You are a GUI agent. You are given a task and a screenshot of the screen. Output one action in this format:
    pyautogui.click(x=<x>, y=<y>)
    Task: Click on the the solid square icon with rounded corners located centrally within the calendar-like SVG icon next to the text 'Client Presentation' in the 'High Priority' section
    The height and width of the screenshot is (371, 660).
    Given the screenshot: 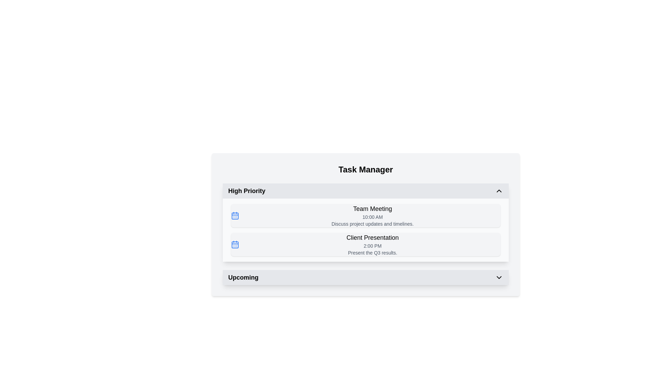 What is the action you would take?
    pyautogui.click(x=235, y=245)
    